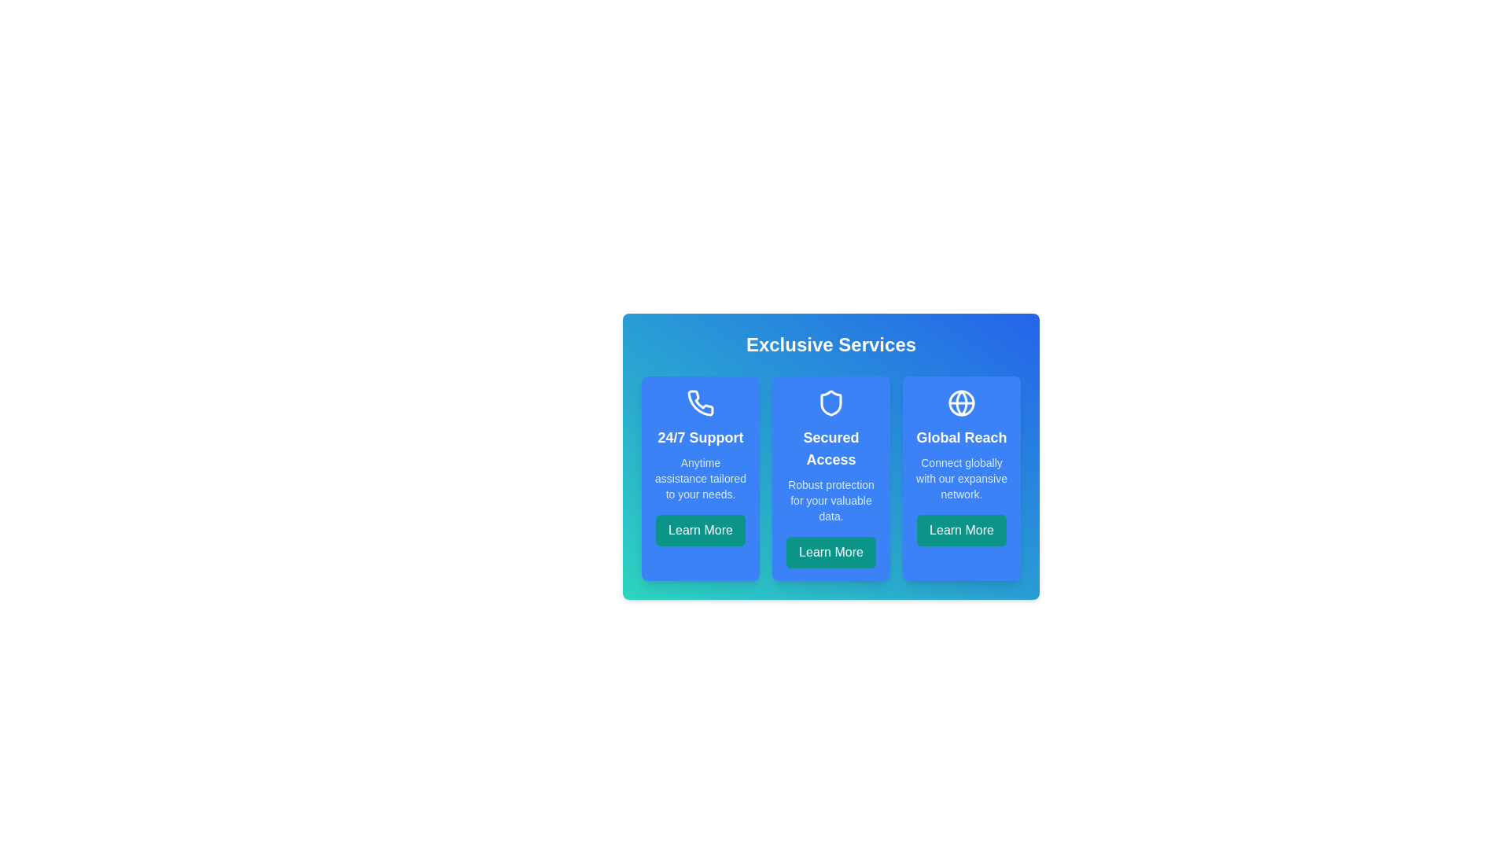 Image resolution: width=1510 pixels, height=849 pixels. What do you see at coordinates (961, 478) in the screenshot?
I see `the feature card labeled 'Global Reach' to observe the hover effect` at bounding box center [961, 478].